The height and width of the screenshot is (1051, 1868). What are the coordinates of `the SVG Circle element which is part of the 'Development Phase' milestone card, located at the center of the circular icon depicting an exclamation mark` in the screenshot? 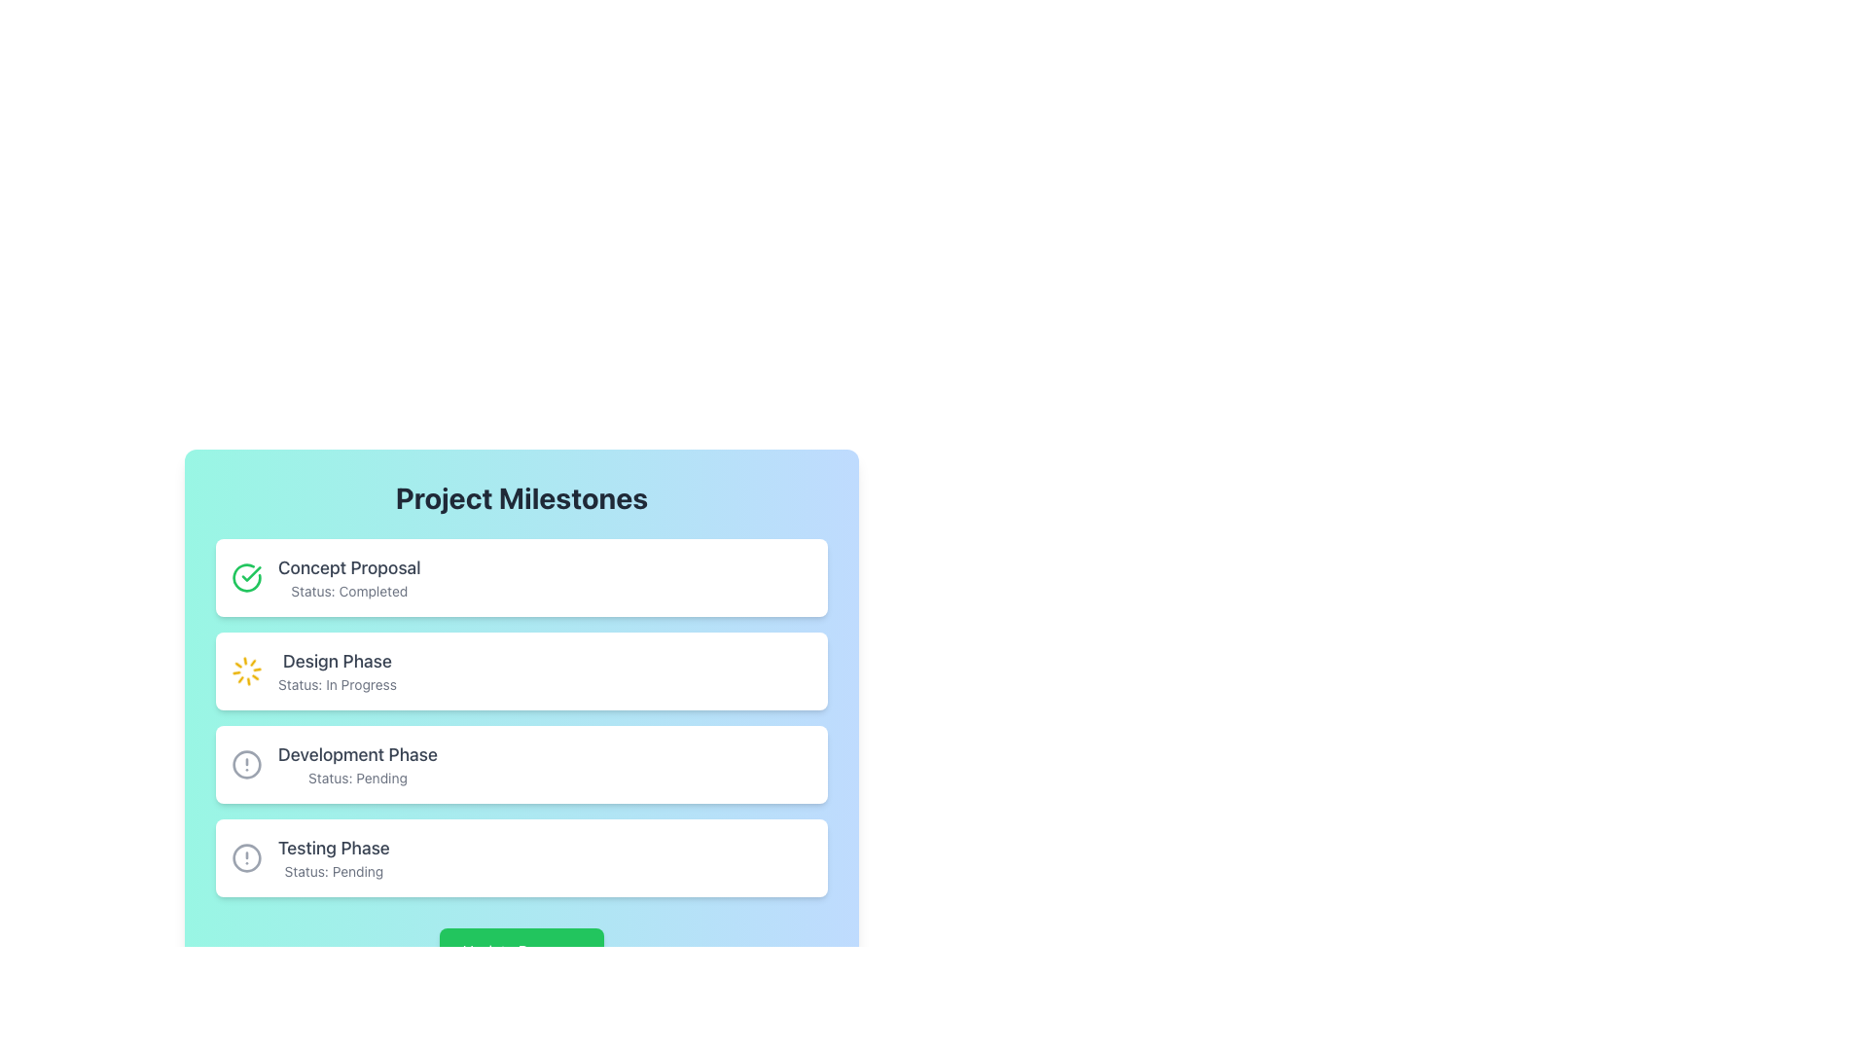 It's located at (246, 764).